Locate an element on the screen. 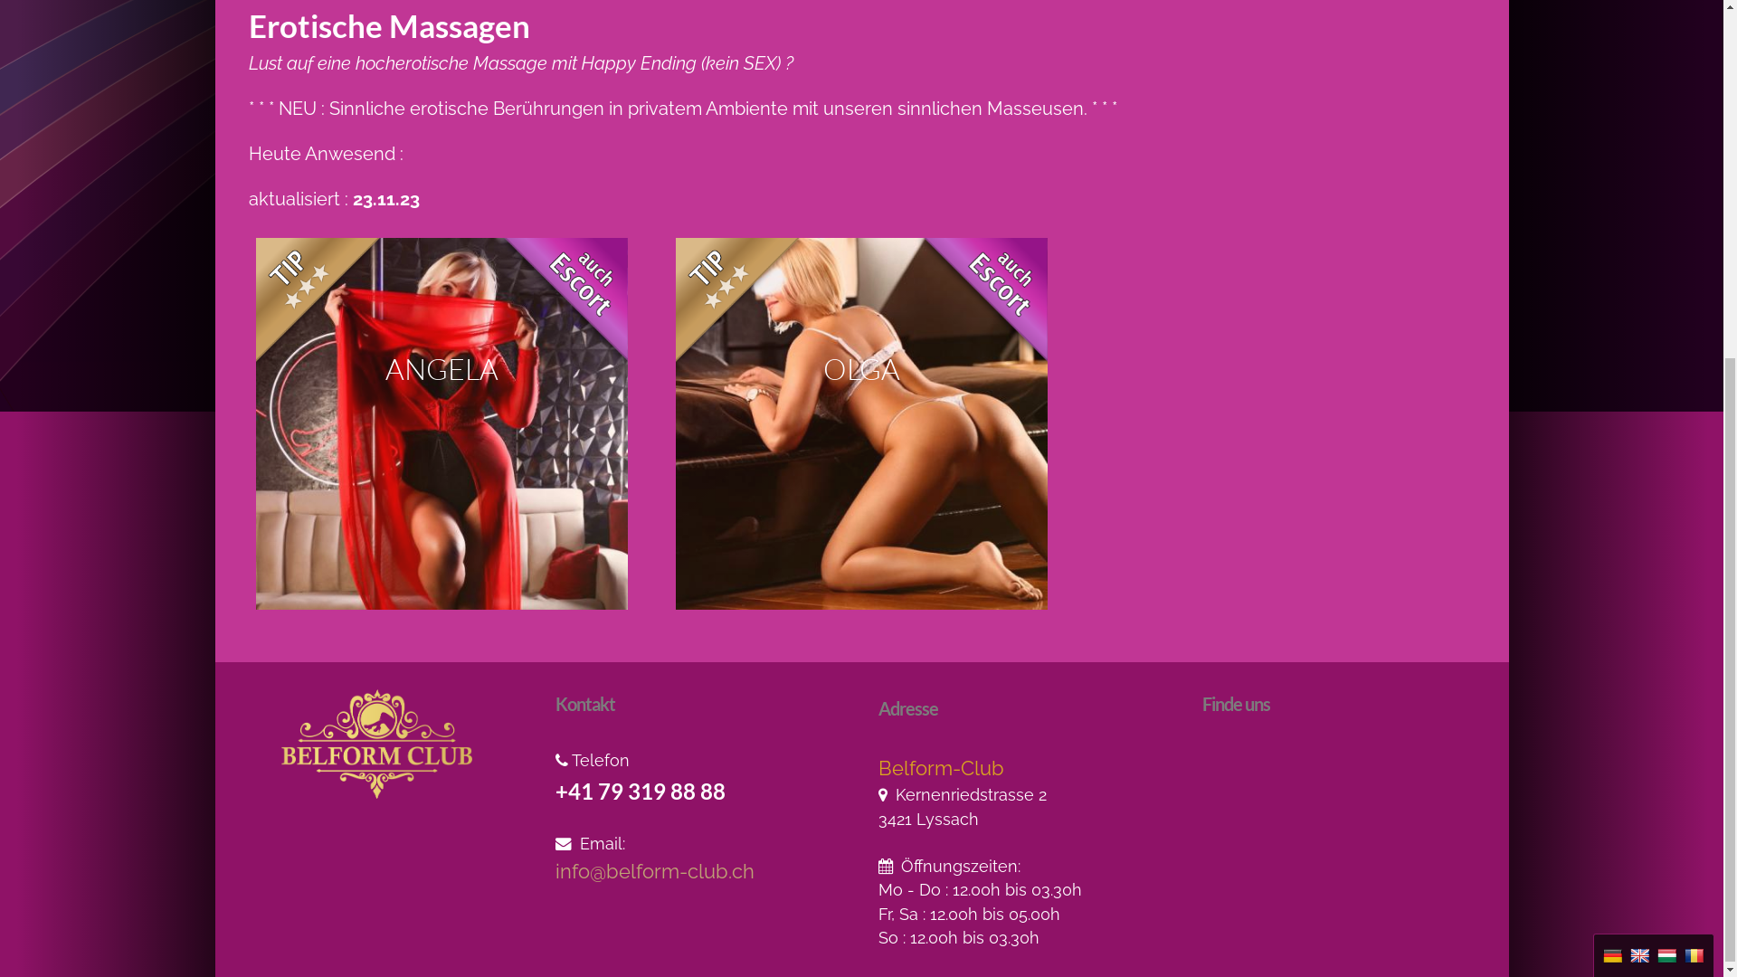 This screenshot has height=977, width=1737. 'Preise is located at coordinates (824, 30).